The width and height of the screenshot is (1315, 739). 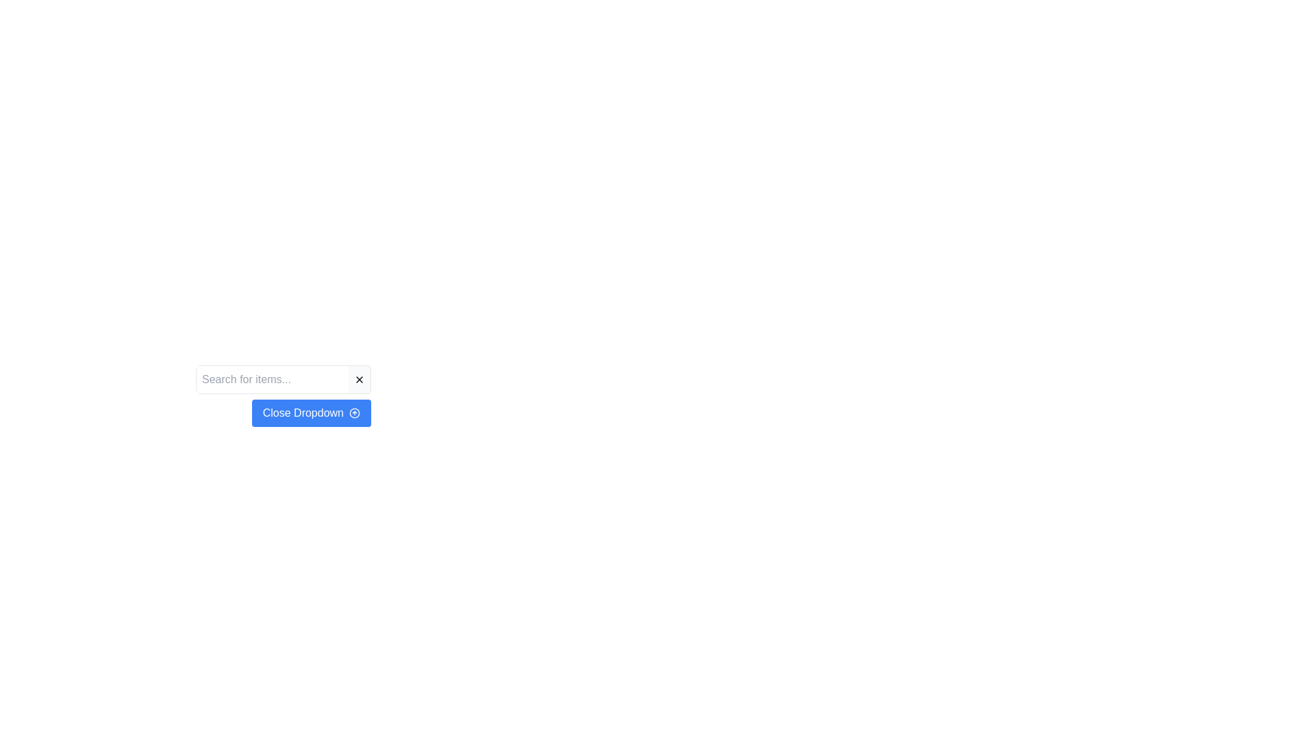 What do you see at coordinates (359, 380) in the screenshot?
I see `the close icon button (an 'X') to clear the search field` at bounding box center [359, 380].